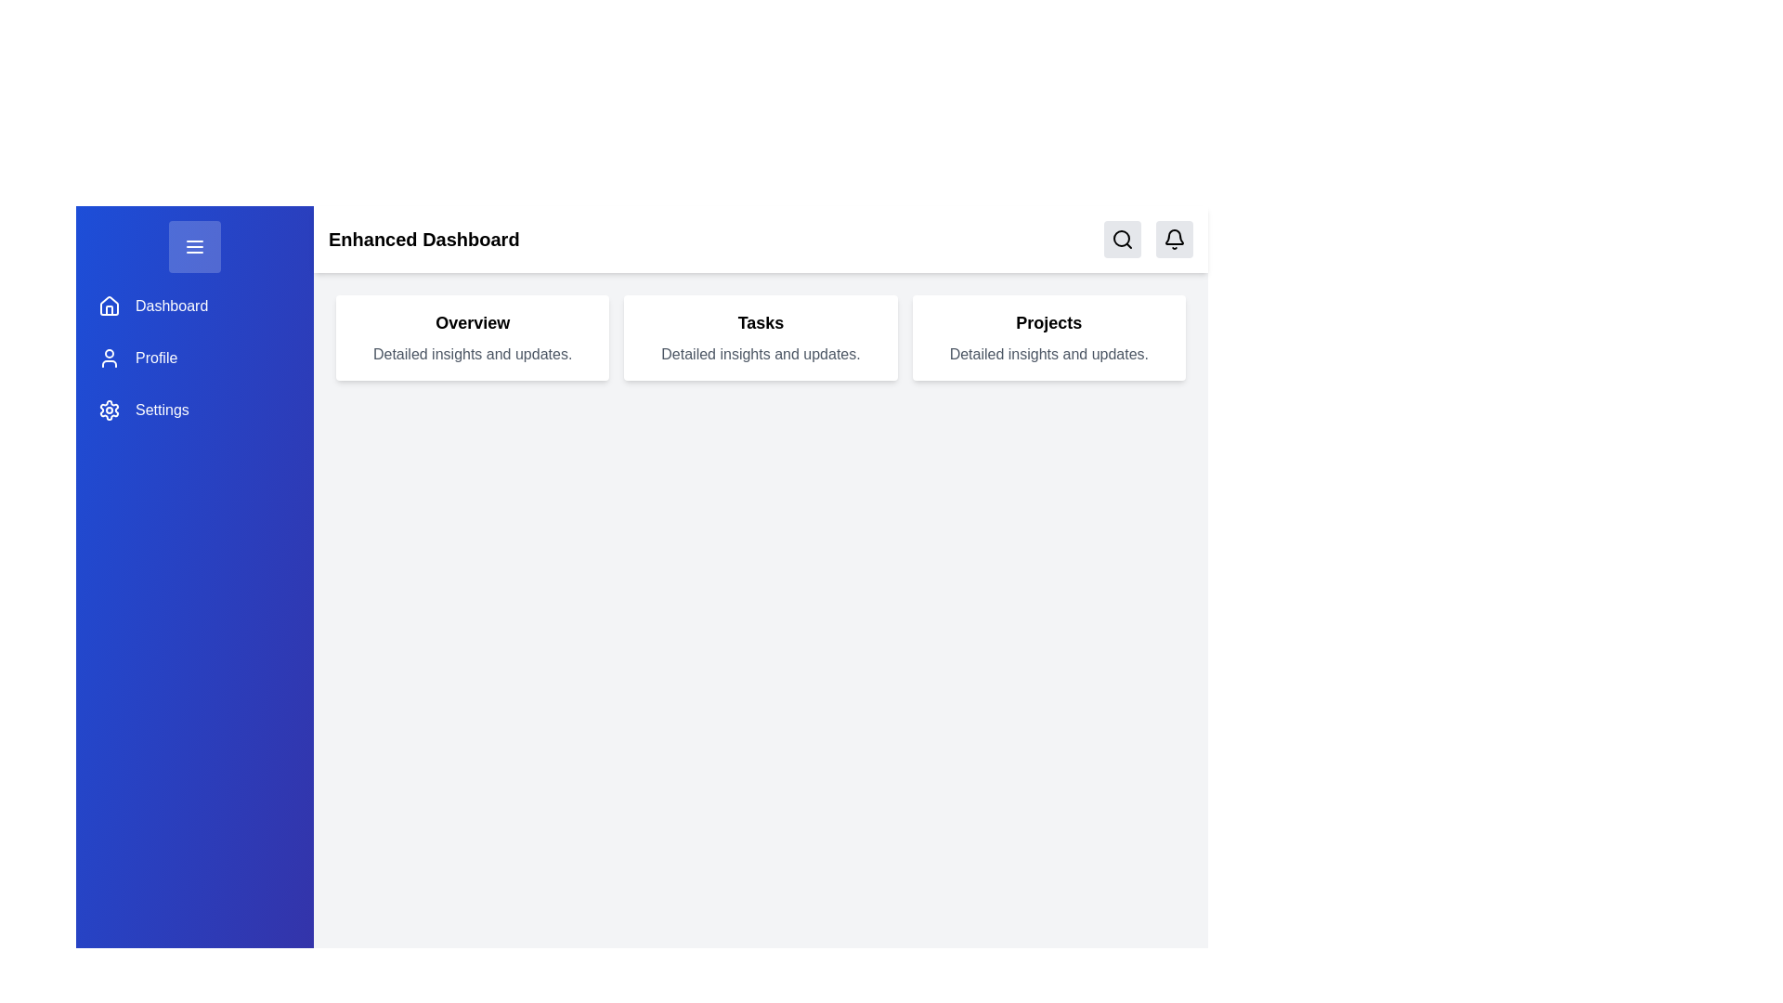 This screenshot has width=1783, height=1003. What do you see at coordinates (1122, 239) in the screenshot?
I see `the magnifying glass icon located at the top-right corner of the interface` at bounding box center [1122, 239].